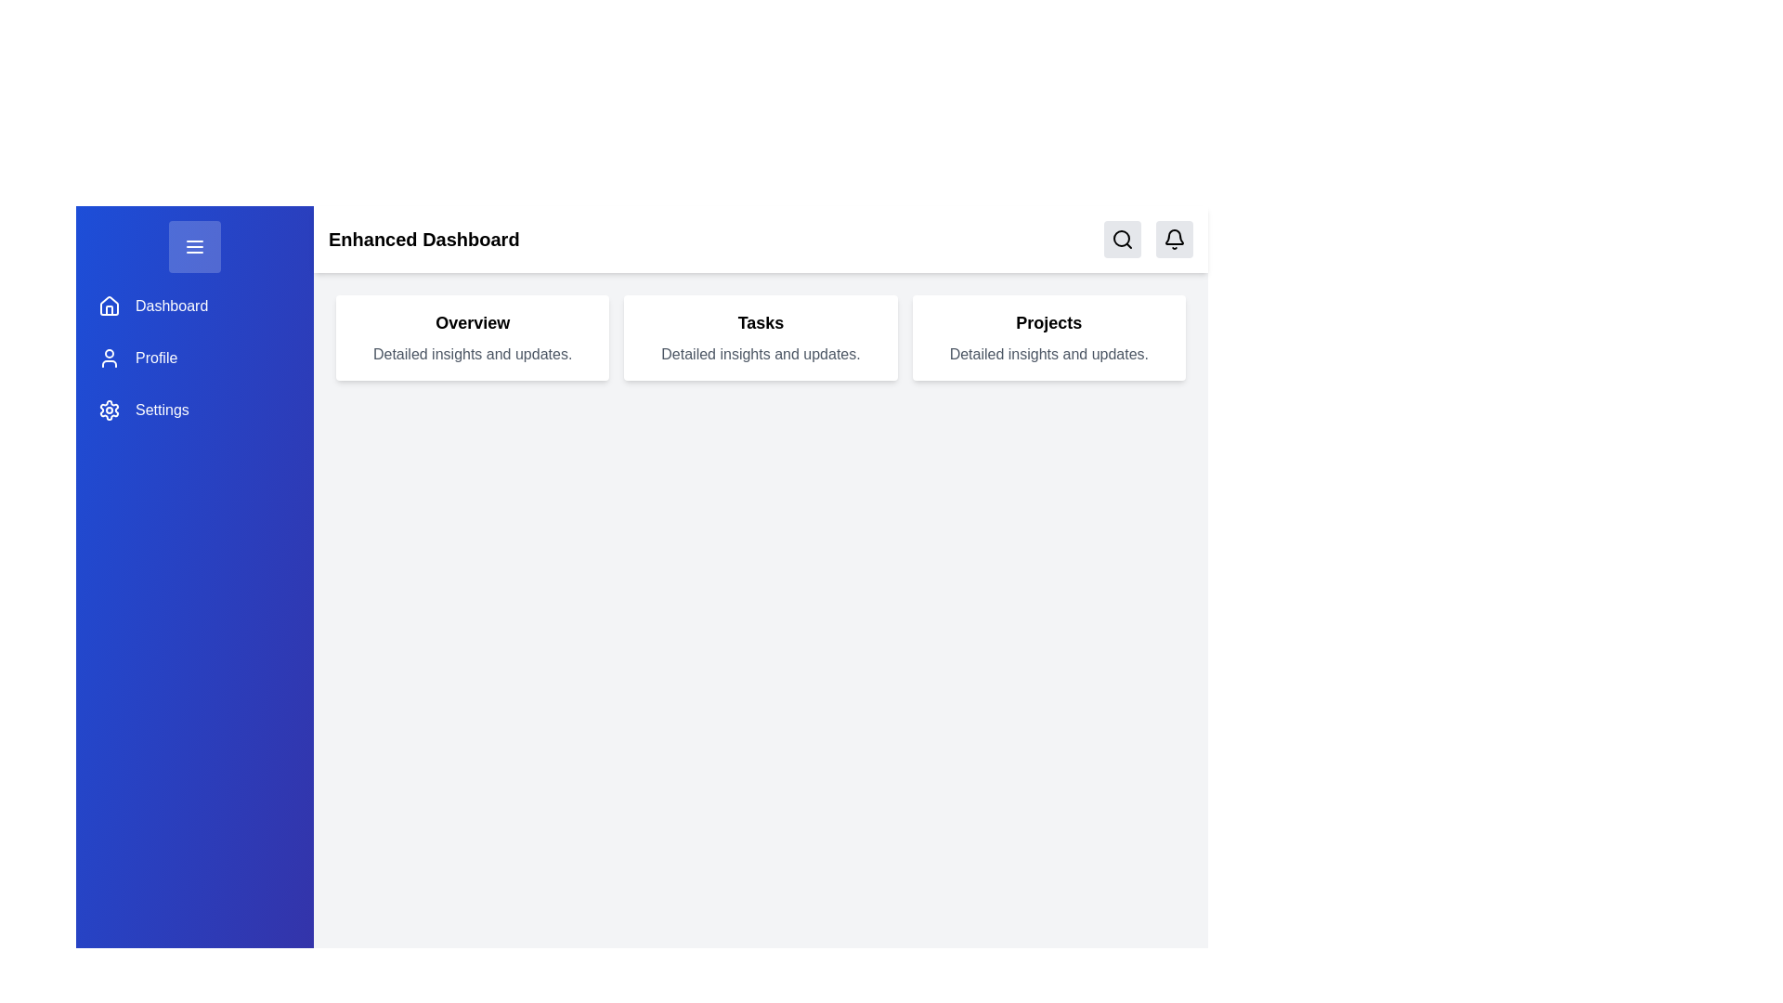 This screenshot has width=1783, height=1003. What do you see at coordinates (1122, 239) in the screenshot?
I see `the magnifying glass icon located at the top-right corner of the interface` at bounding box center [1122, 239].